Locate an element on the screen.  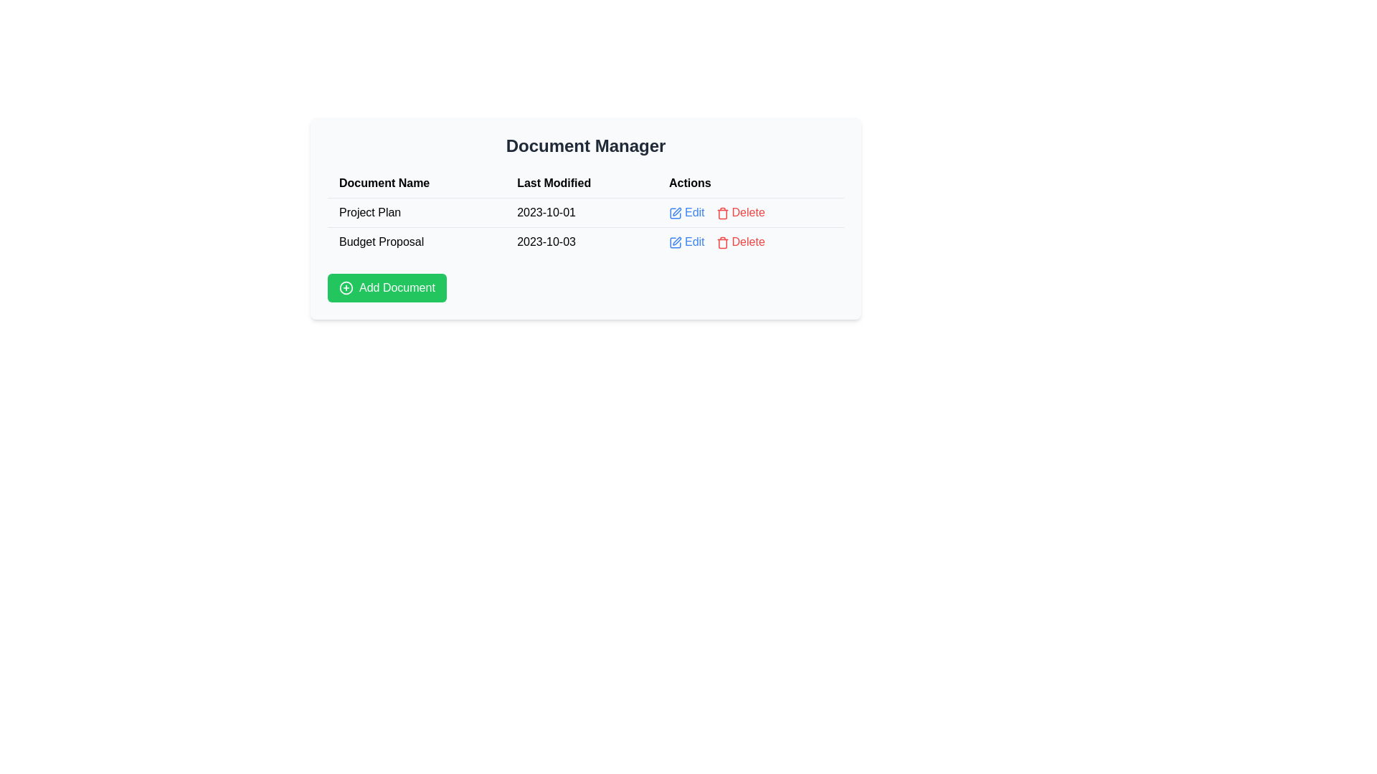
the red 'Delete' button with a trash icon to initiate deletion, located in the 'Actions' column of the first row of the table, next to the 'Edit' button is located at coordinates (740, 213).